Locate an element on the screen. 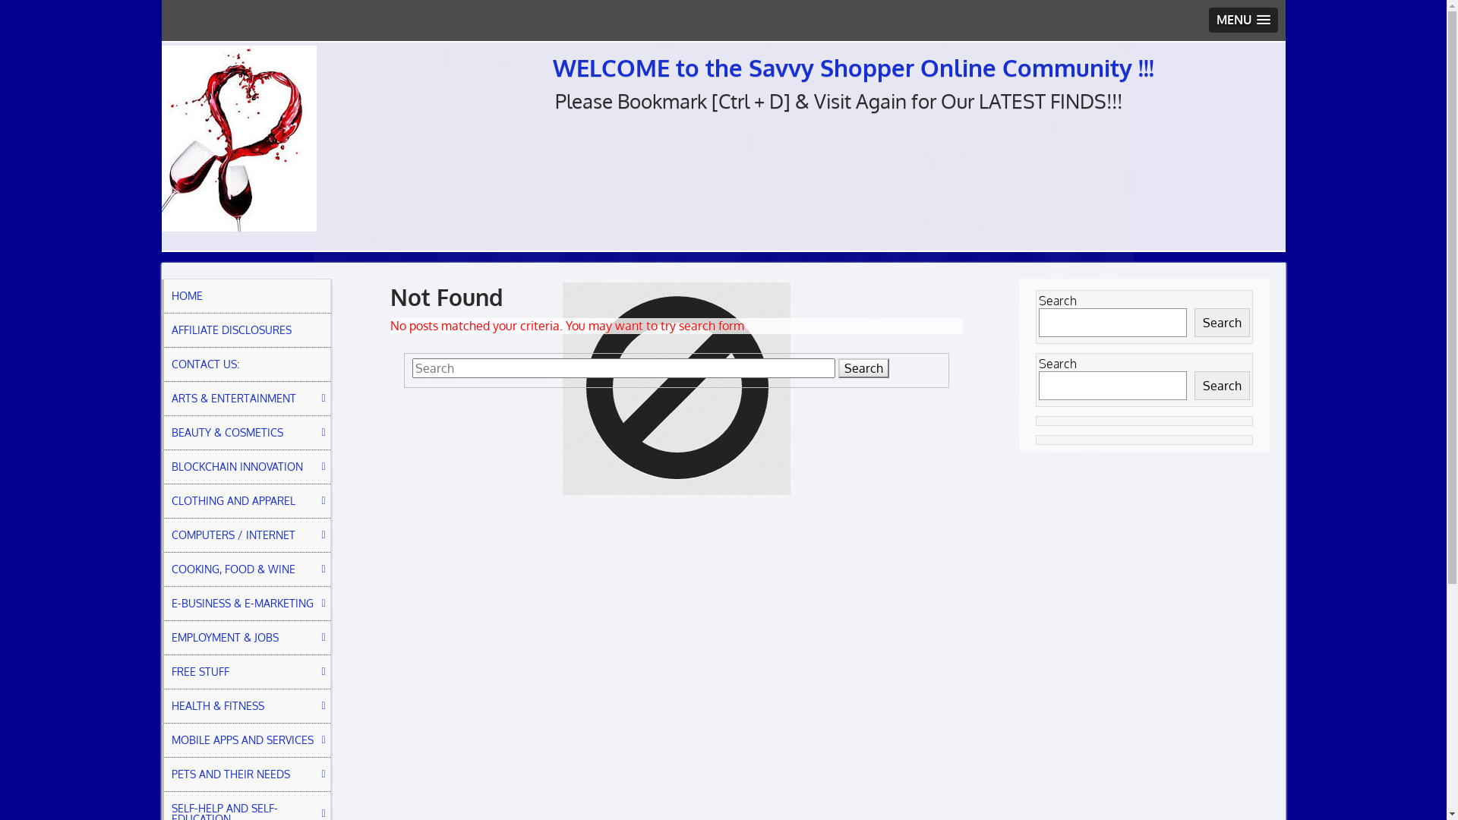  'BLOCKCHAIN INNOVATION' is located at coordinates (246, 465).